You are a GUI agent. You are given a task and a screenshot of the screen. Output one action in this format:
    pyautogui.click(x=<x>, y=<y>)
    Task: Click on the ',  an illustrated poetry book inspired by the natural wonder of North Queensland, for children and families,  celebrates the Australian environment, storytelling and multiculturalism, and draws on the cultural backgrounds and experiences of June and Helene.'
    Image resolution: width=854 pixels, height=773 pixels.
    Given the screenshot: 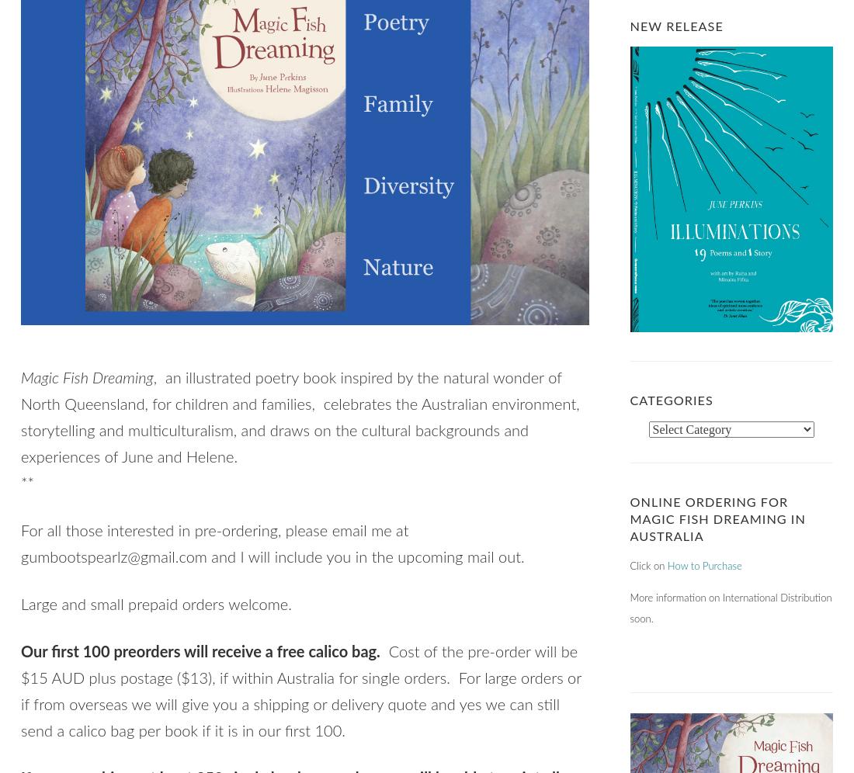 What is the action you would take?
    pyautogui.click(x=19, y=418)
    